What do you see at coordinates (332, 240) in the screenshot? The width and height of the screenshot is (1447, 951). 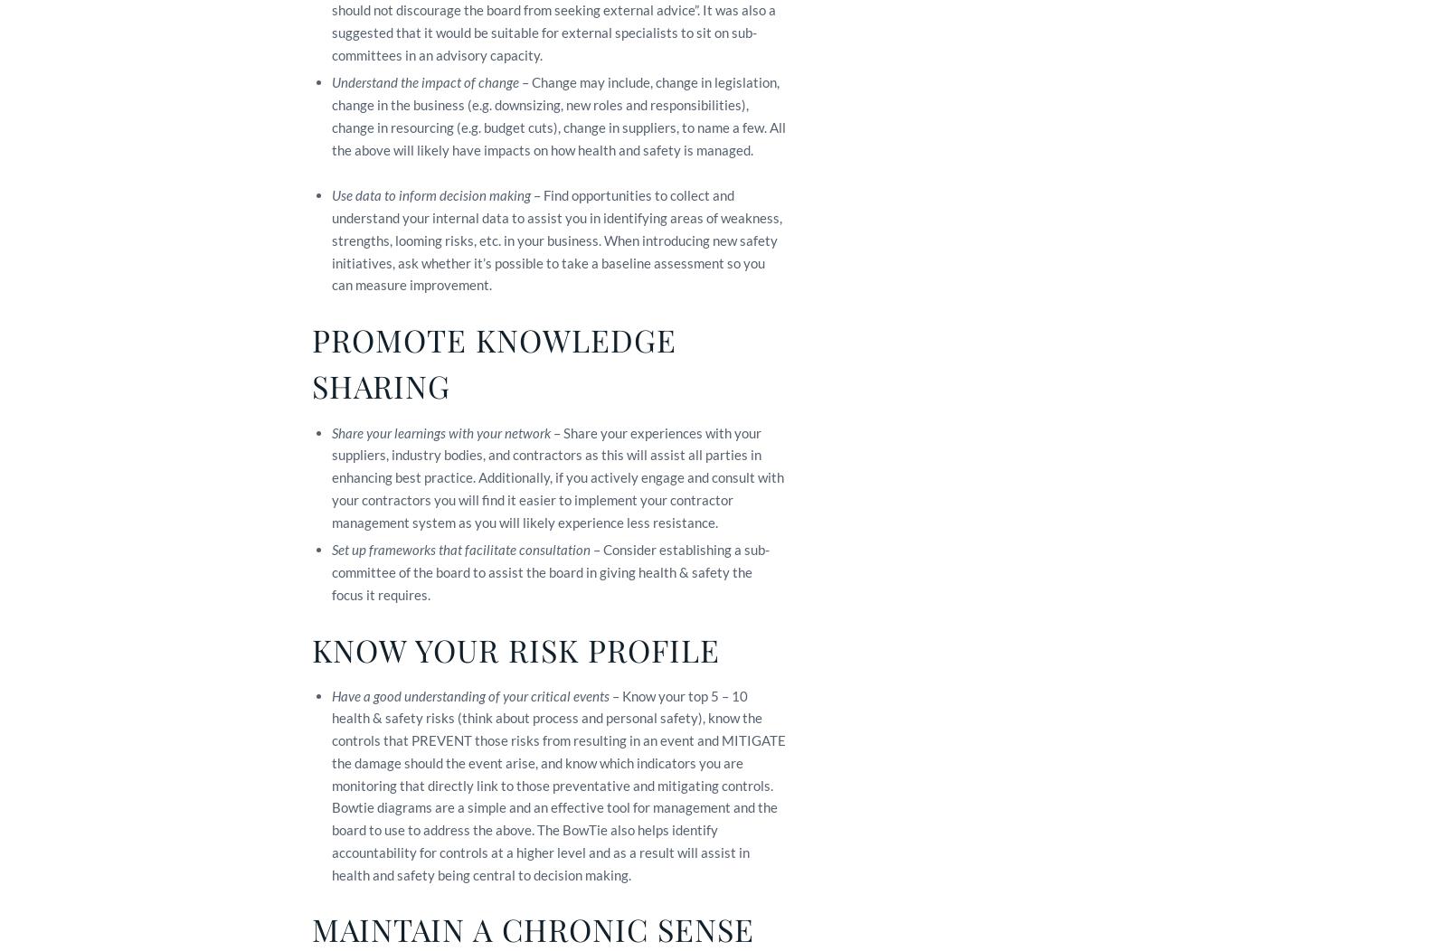 I see `'– Find opportunities to collect and understand your internal data to assist you in identifying areas of weakness, strengths, looming risks, etc. in your business. When introducing new safety initiatives, ask whether it’s possible to take a baseline assessment so you can measure improvement.'` at bounding box center [332, 240].